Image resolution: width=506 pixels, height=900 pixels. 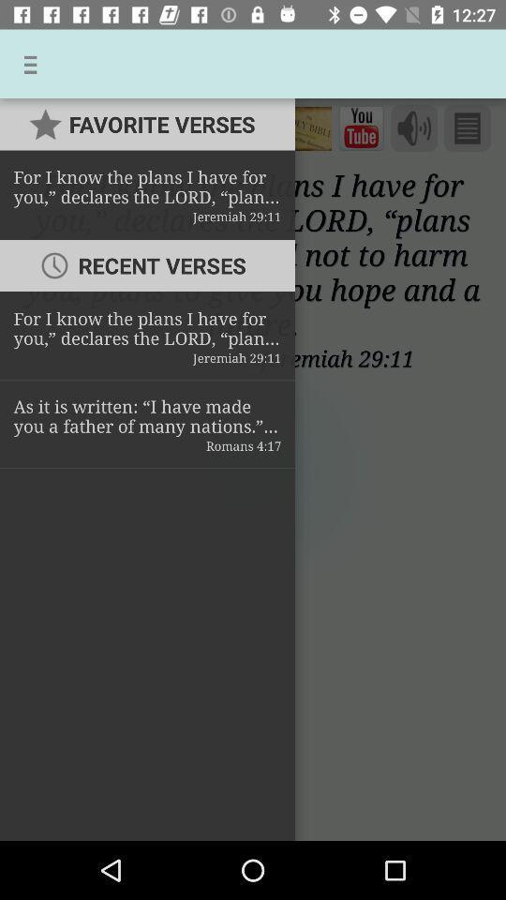 What do you see at coordinates (414, 127) in the screenshot?
I see `the volume icon` at bounding box center [414, 127].